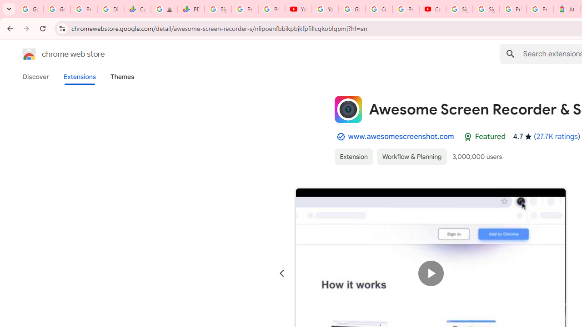 The image size is (582, 327). I want to click on 'Currencies - Google Finance', so click(137, 9).